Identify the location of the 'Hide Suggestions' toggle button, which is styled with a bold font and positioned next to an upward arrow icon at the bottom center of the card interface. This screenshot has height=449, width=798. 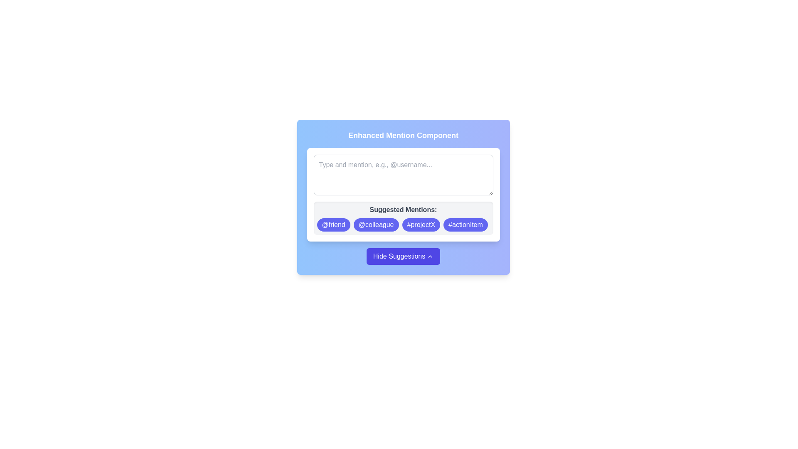
(403, 256).